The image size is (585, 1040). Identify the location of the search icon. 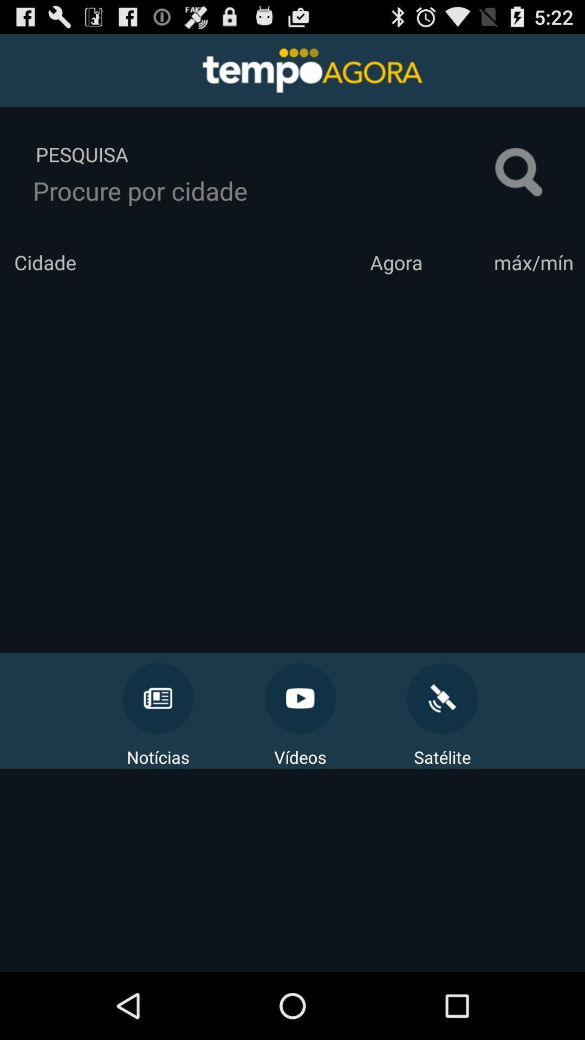
(518, 184).